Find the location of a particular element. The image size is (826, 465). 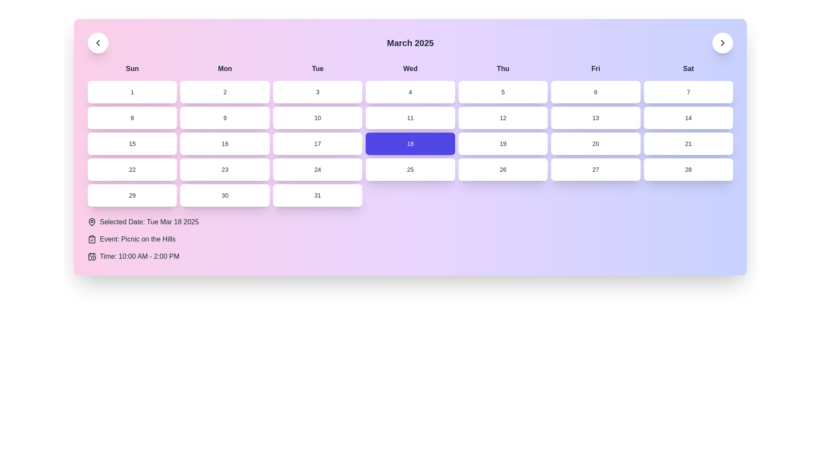

the button representing the 13th day in the displayed calendar is located at coordinates (595, 118).